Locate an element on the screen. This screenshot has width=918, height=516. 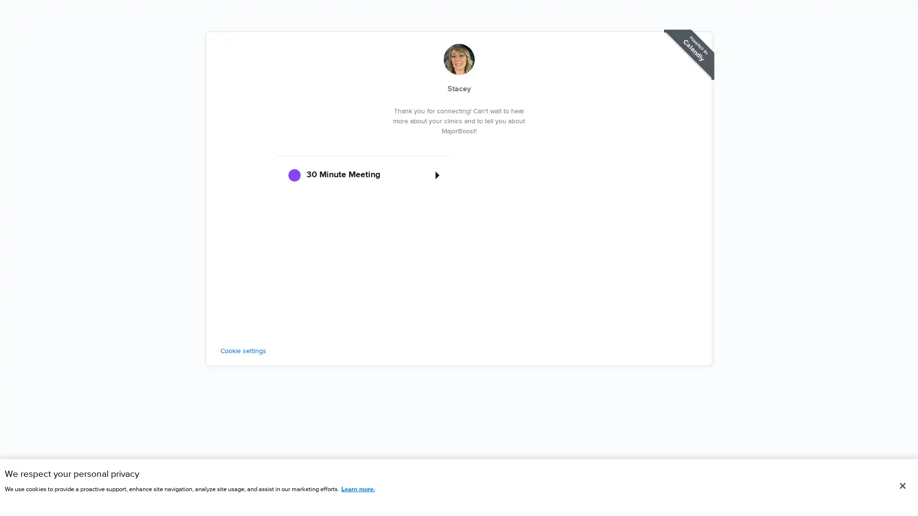
Cookie settings is located at coordinates (243, 351).